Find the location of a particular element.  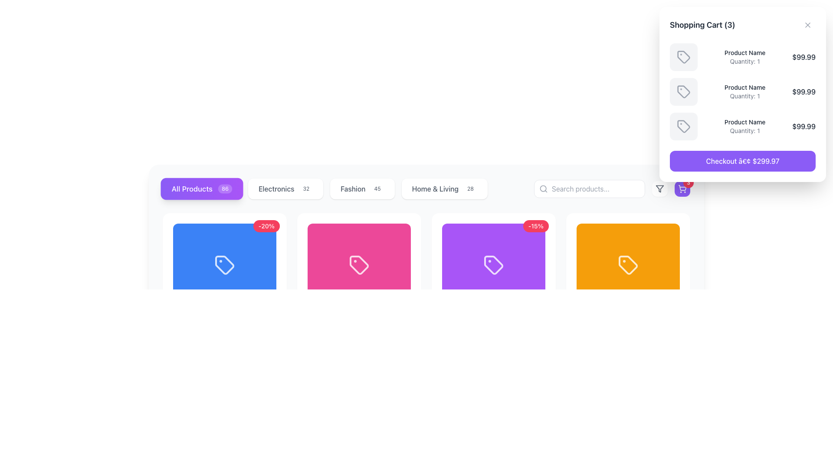

the filter button, which is a small rounded square button with a white background and a gray funnel icon, located between a search icon and a shopping cart icon is located at coordinates (659, 188).